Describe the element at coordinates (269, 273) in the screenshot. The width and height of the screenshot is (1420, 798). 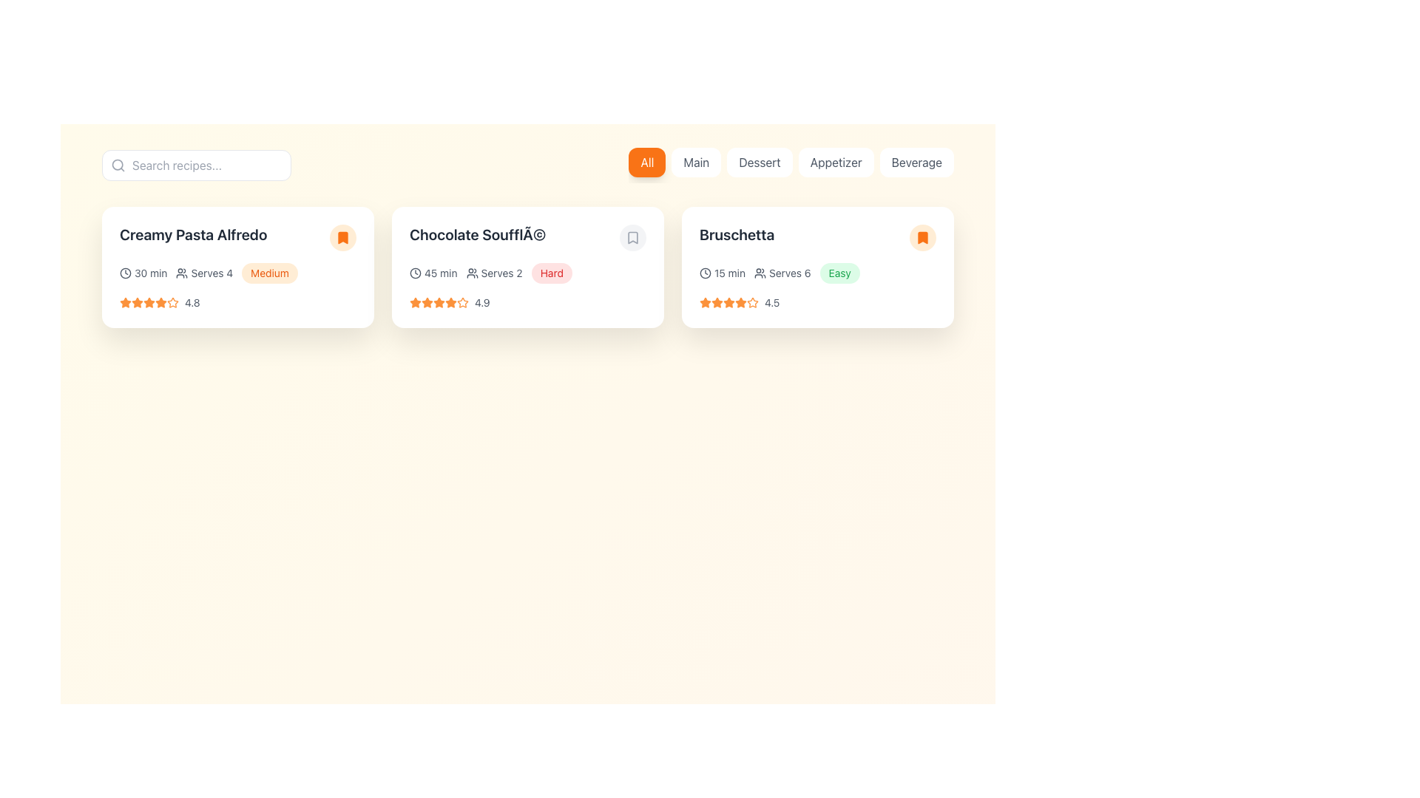
I see `displayed text from the difficulty level label of the 'Creamy Pasta Alfredo' recipe, which is centrally positioned within a rounded pill-shaped badge in the leftmost column` at that location.